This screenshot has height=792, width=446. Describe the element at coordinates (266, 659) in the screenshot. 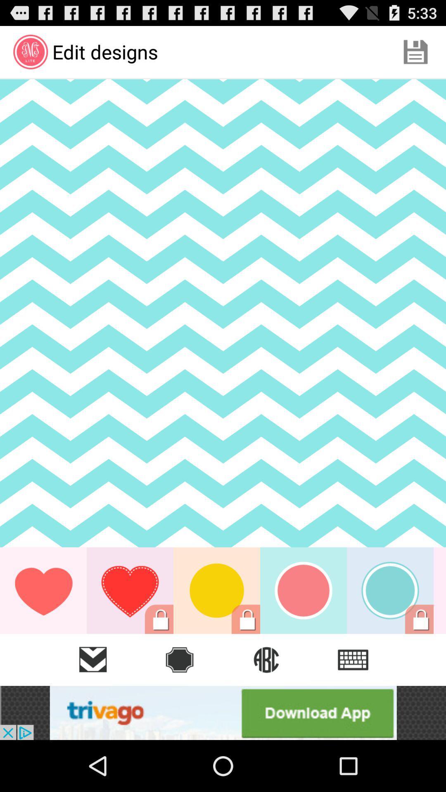

I see `the globe icon` at that location.